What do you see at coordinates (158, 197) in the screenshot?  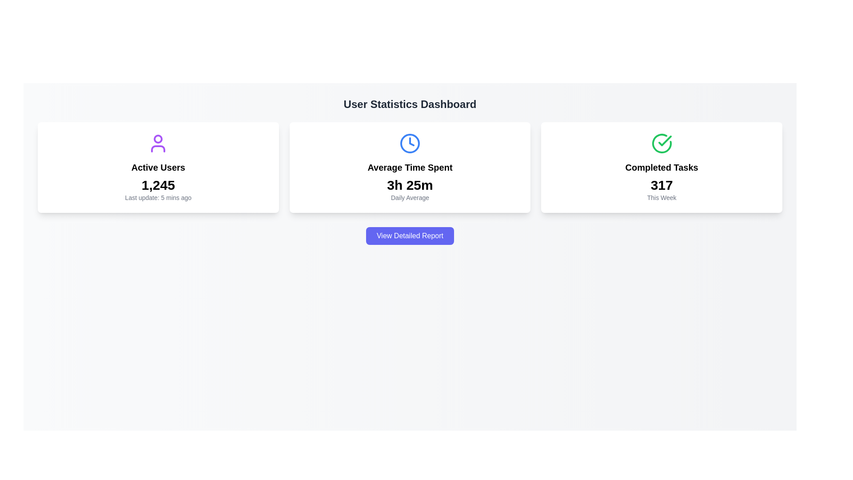 I see `the timestamp text label that indicates the last update time, located below the bold number '1,245' and the text 'Active Users' in the leftmost card of the interface` at bounding box center [158, 197].